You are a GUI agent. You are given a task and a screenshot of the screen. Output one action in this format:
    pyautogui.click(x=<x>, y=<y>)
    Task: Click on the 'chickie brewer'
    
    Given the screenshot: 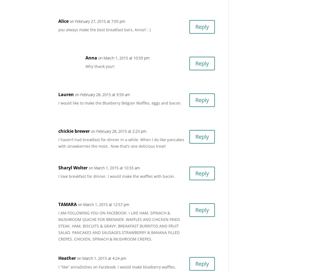 What is the action you would take?
    pyautogui.click(x=74, y=130)
    